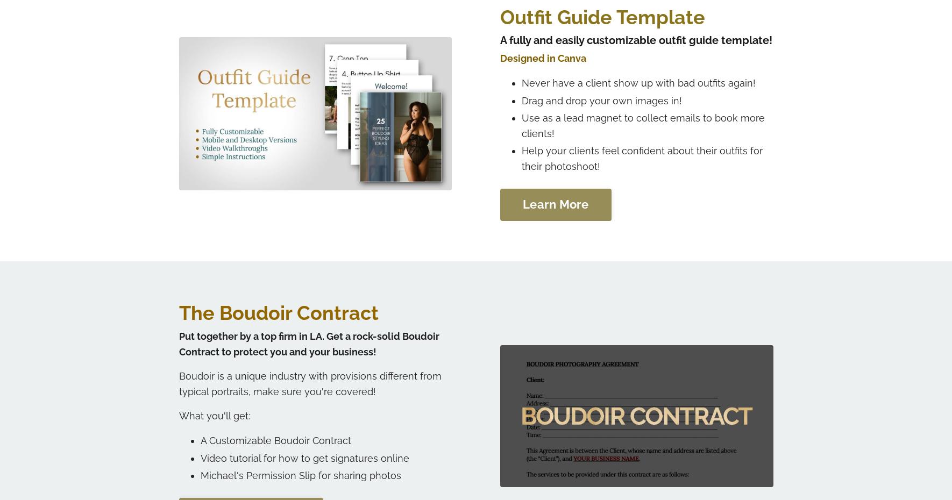  I want to click on 'What you'll get:', so click(214, 415).